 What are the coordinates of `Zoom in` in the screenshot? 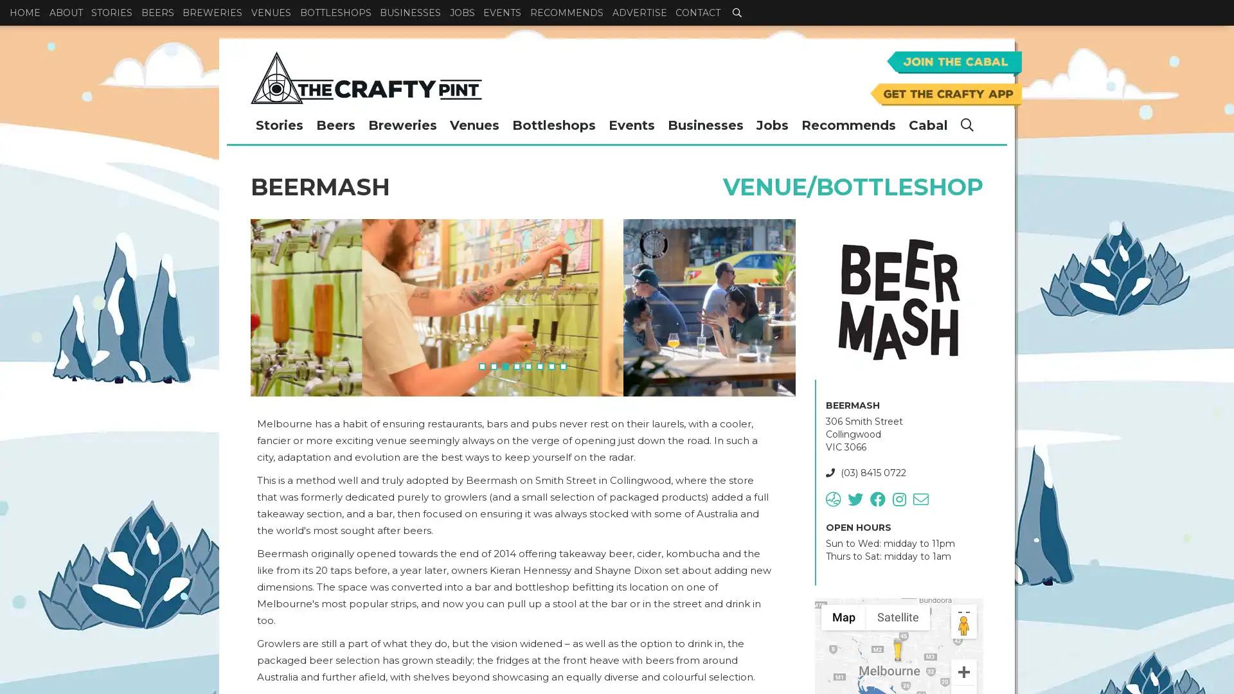 It's located at (963, 671).